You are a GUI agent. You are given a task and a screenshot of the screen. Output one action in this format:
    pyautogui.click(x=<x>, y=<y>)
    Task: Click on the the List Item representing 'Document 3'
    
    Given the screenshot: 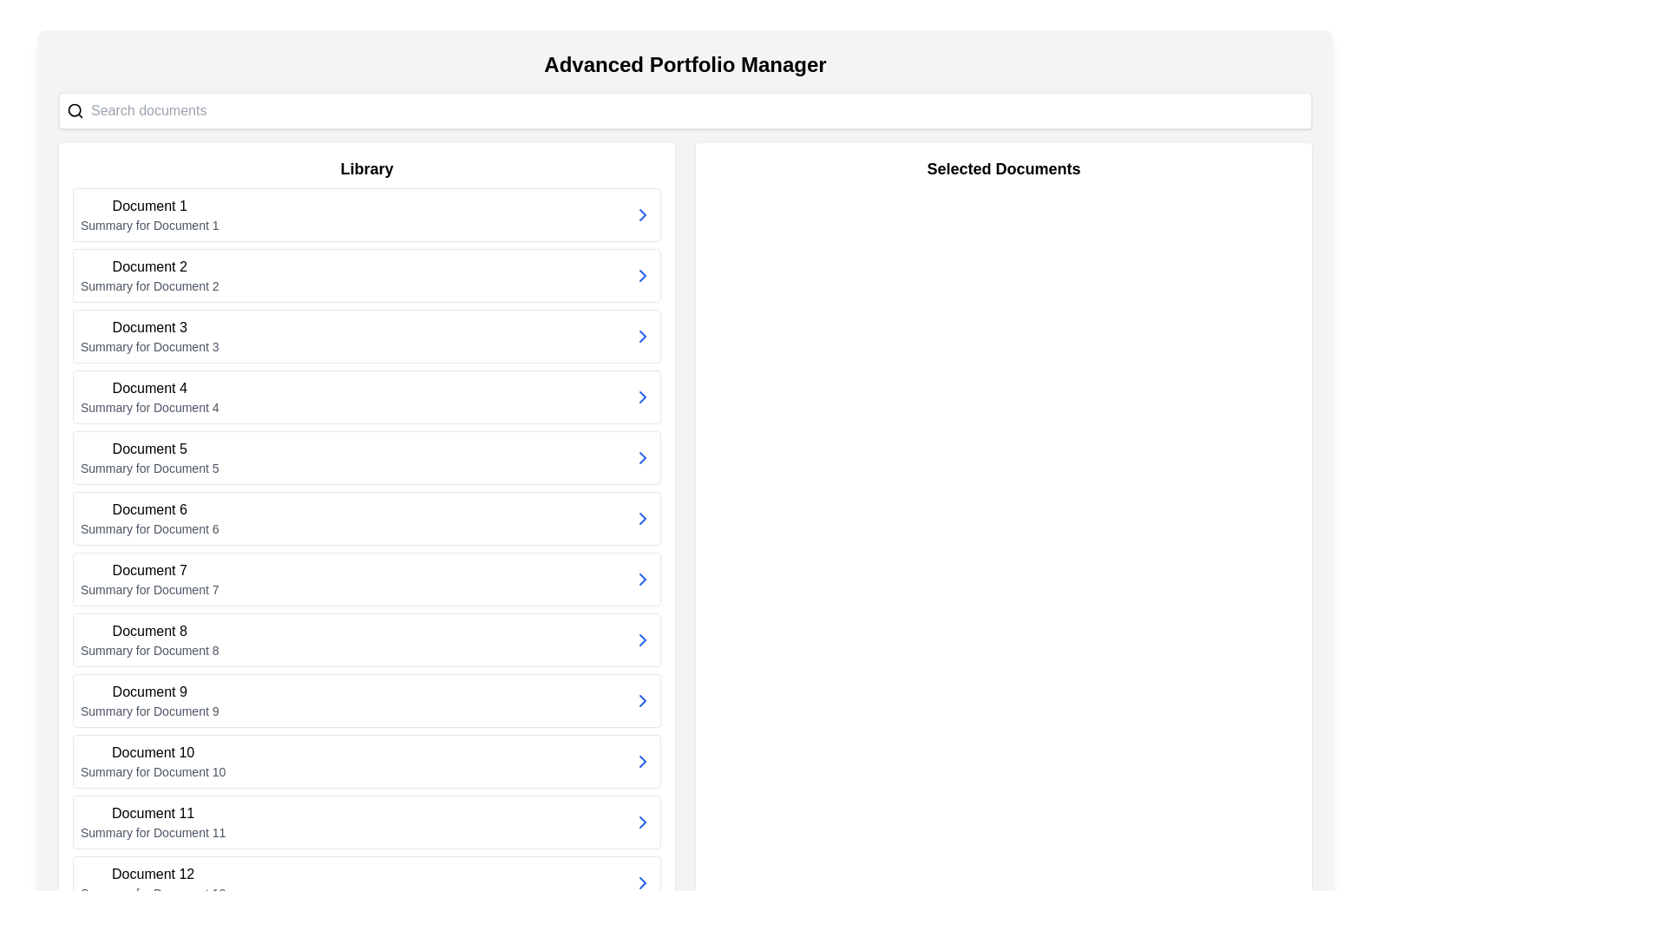 What is the action you would take?
    pyautogui.click(x=365, y=337)
    